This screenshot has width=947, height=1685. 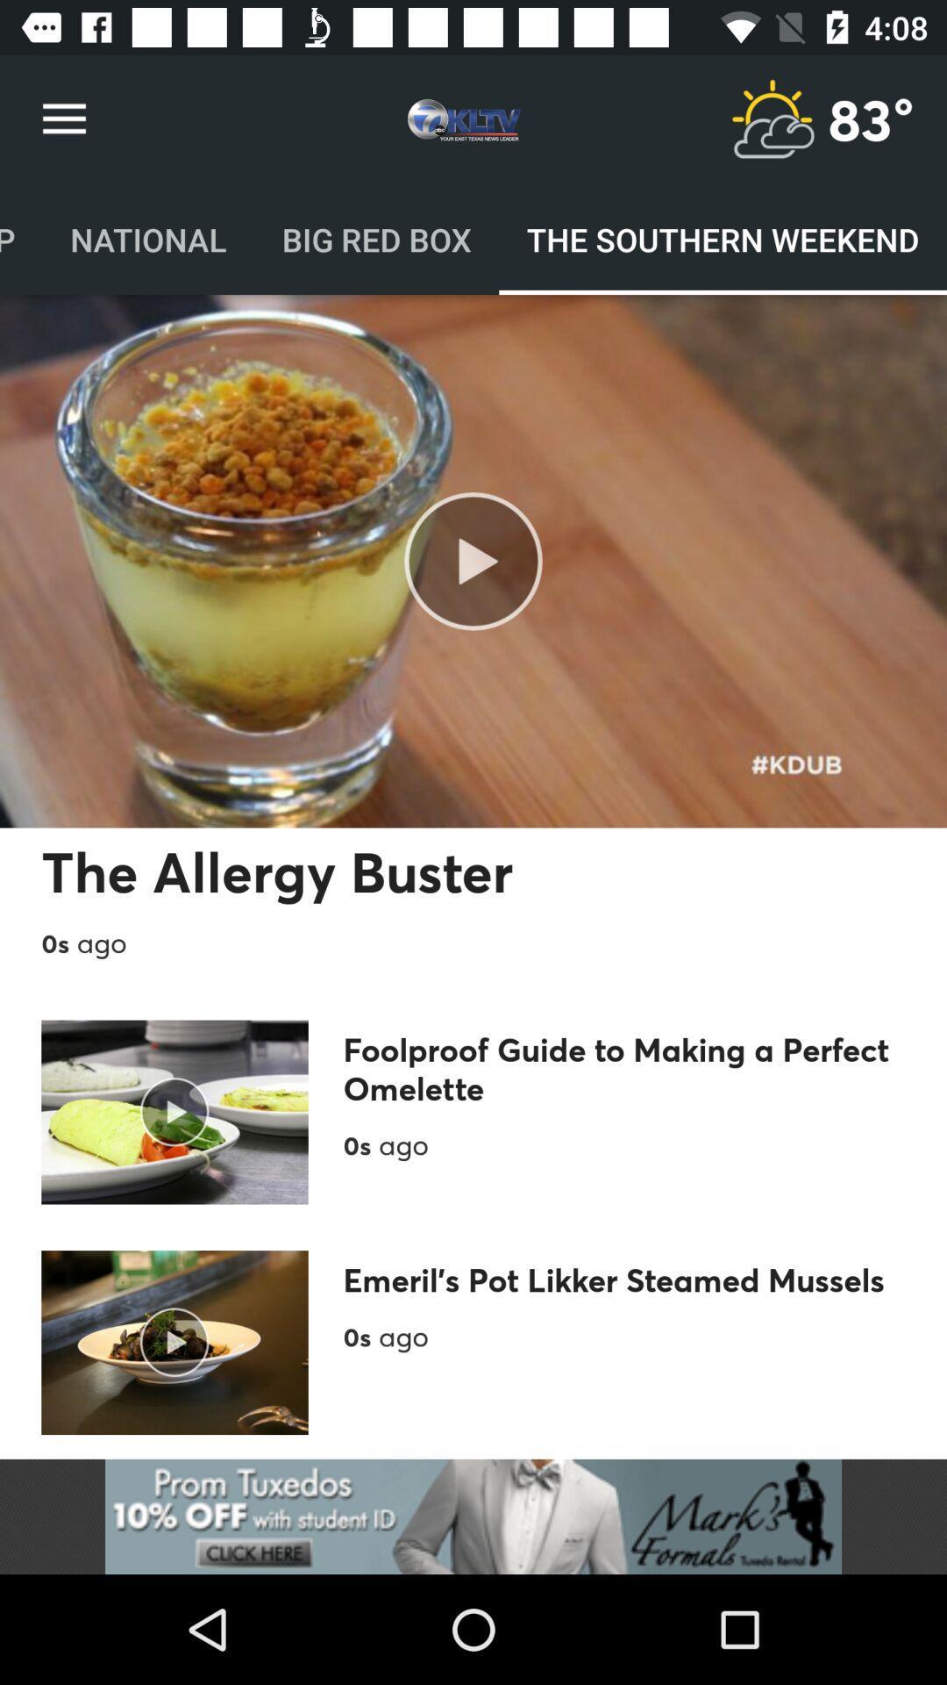 What do you see at coordinates (772, 118) in the screenshot?
I see `check weather` at bounding box center [772, 118].